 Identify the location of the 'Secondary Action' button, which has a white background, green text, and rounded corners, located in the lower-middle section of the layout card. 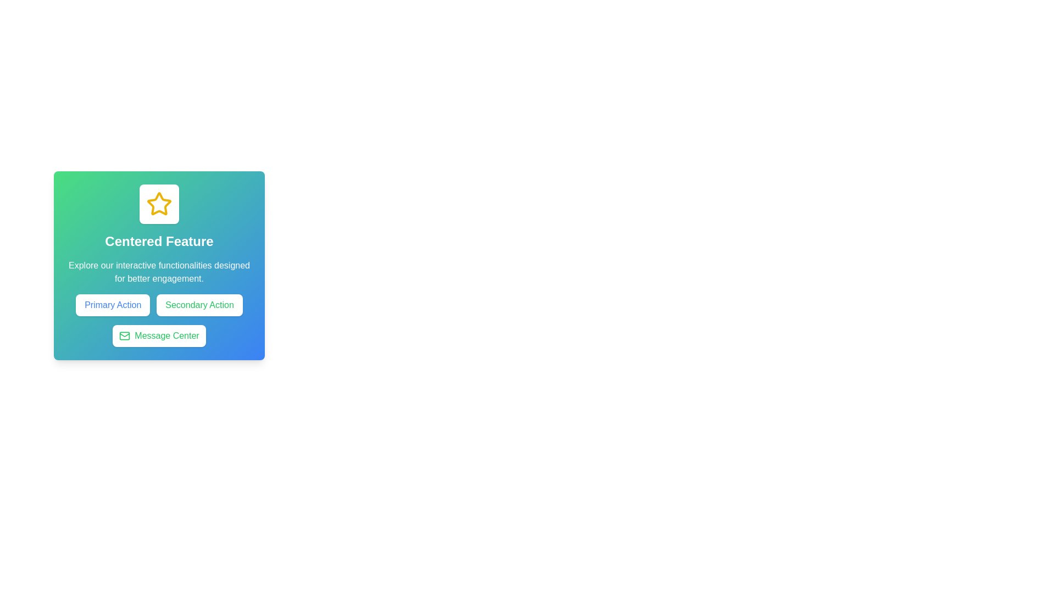
(199, 305).